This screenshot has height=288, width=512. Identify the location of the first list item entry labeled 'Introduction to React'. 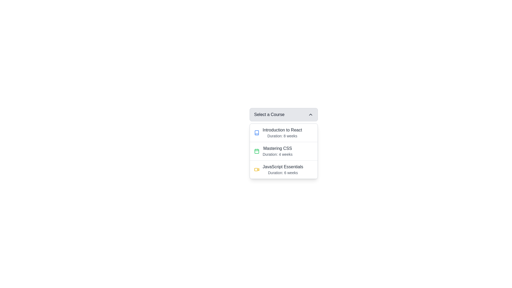
(283, 132).